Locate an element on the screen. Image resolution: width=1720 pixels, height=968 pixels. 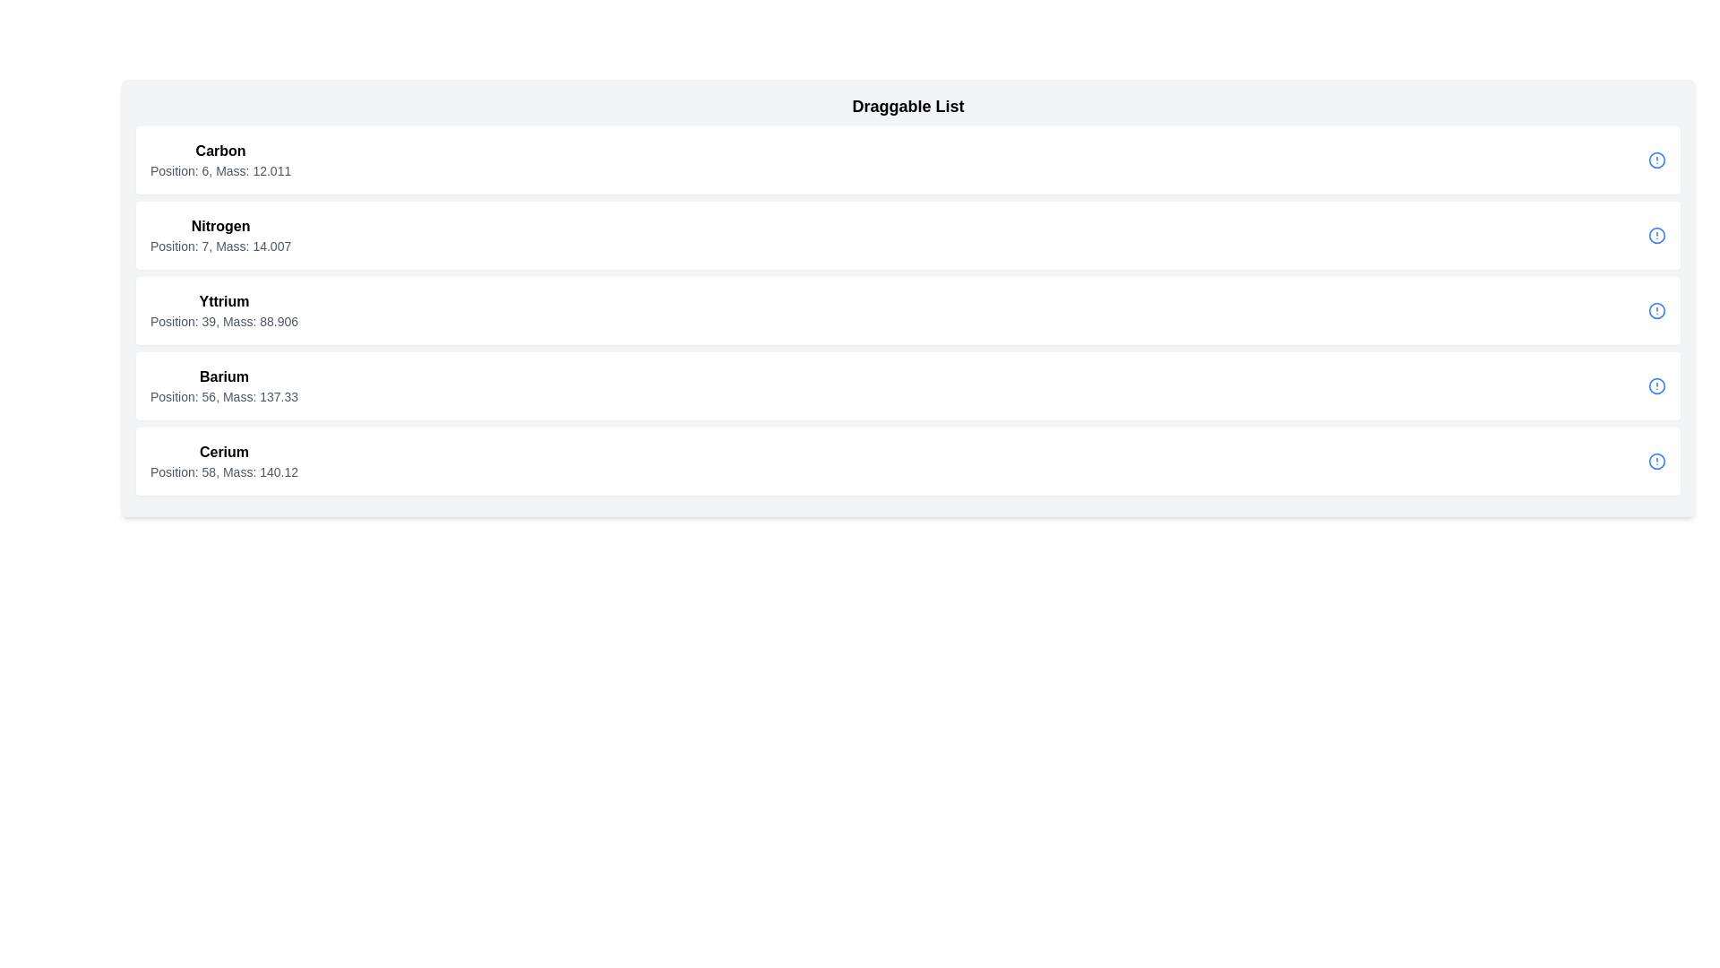
text content of the informational display that contains 'Nitrogen' and its details about position and mass is located at coordinates (219, 234).